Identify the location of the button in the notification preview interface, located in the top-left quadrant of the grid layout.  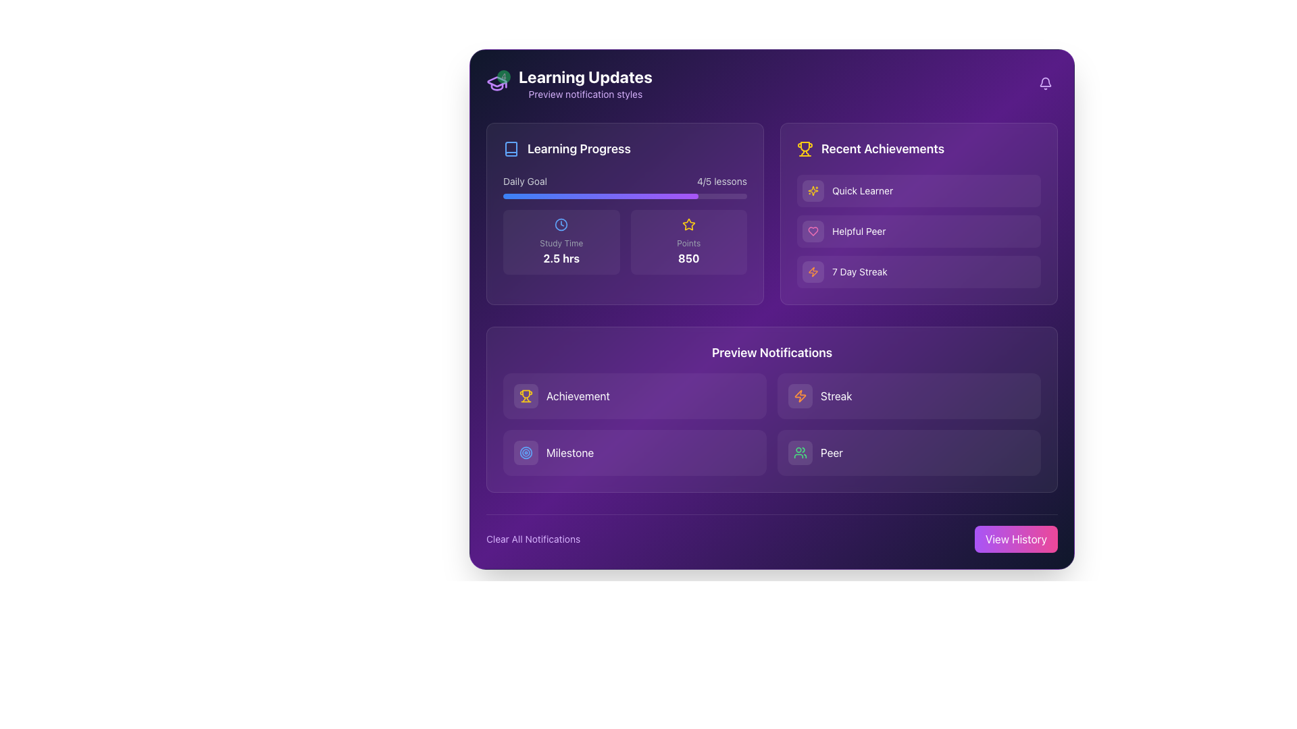
(634, 395).